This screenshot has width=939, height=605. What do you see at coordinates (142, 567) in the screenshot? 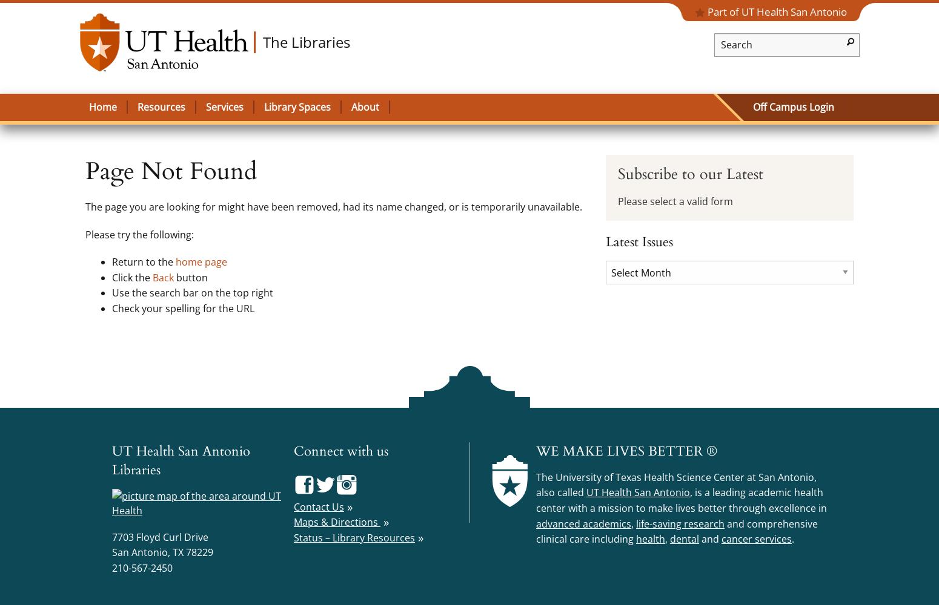
I see `'210-567-2450'` at bounding box center [142, 567].